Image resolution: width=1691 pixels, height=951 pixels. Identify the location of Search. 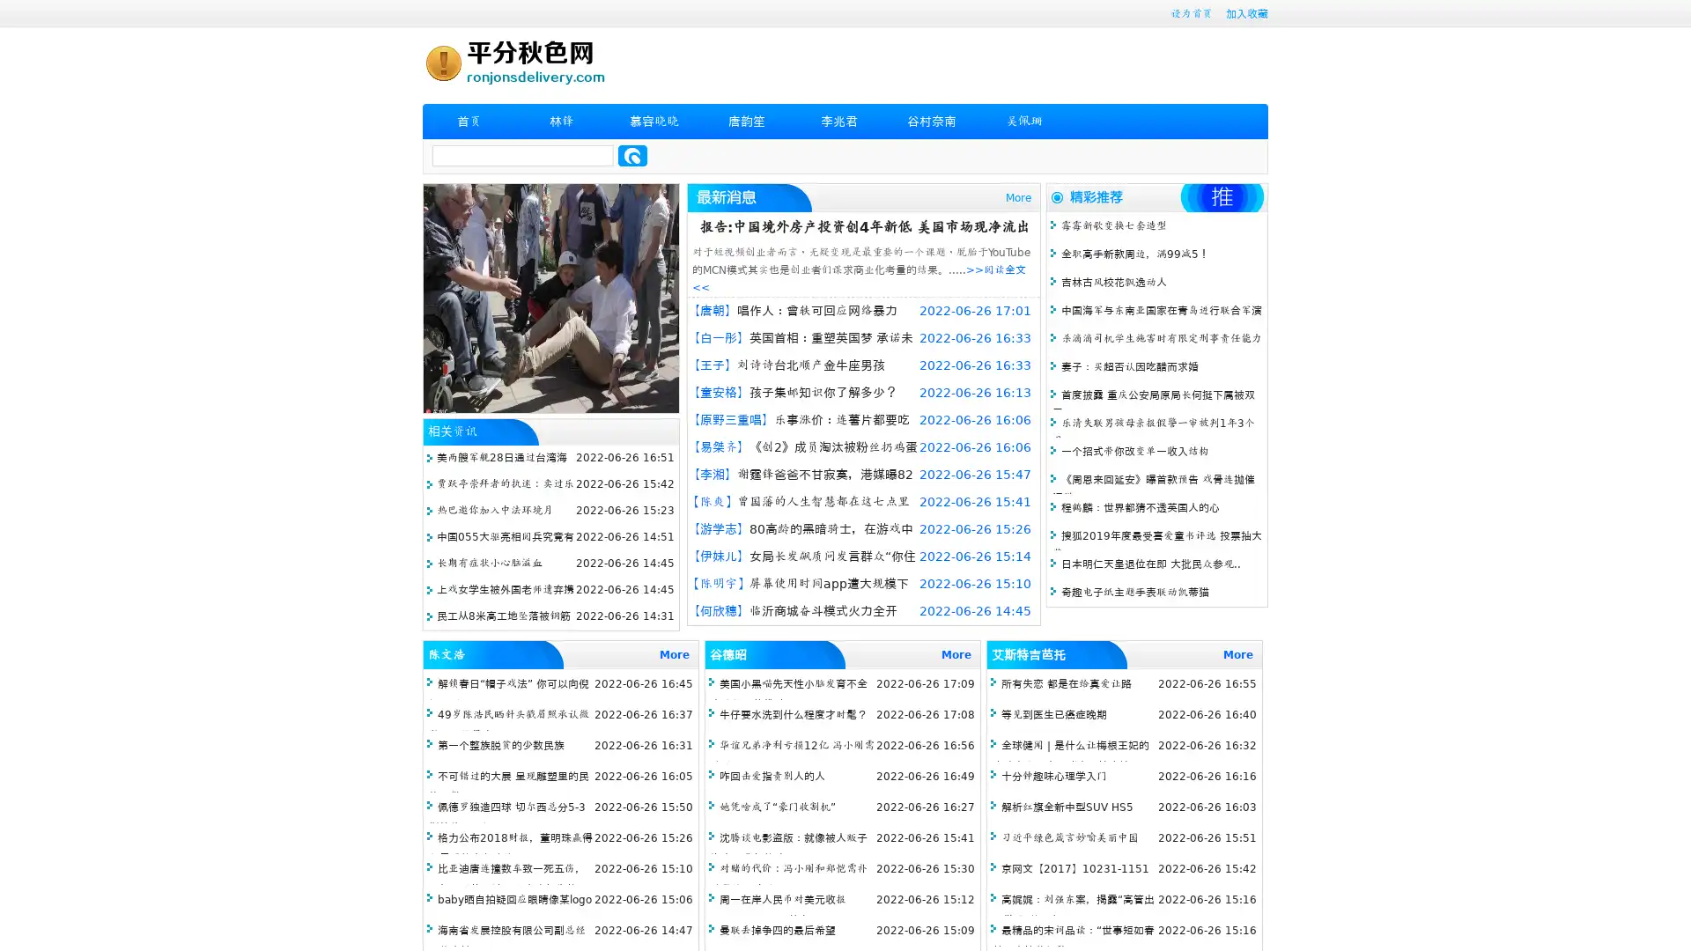
(632, 155).